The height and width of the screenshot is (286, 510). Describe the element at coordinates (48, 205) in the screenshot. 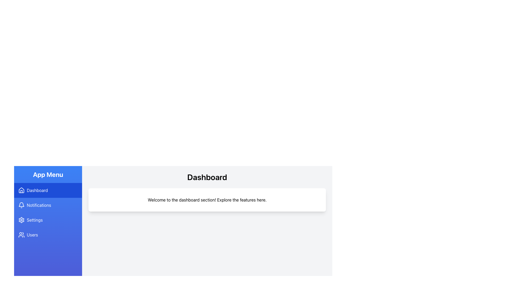

I see `the second button in the vertical list of menu items in the left sidebar` at that location.